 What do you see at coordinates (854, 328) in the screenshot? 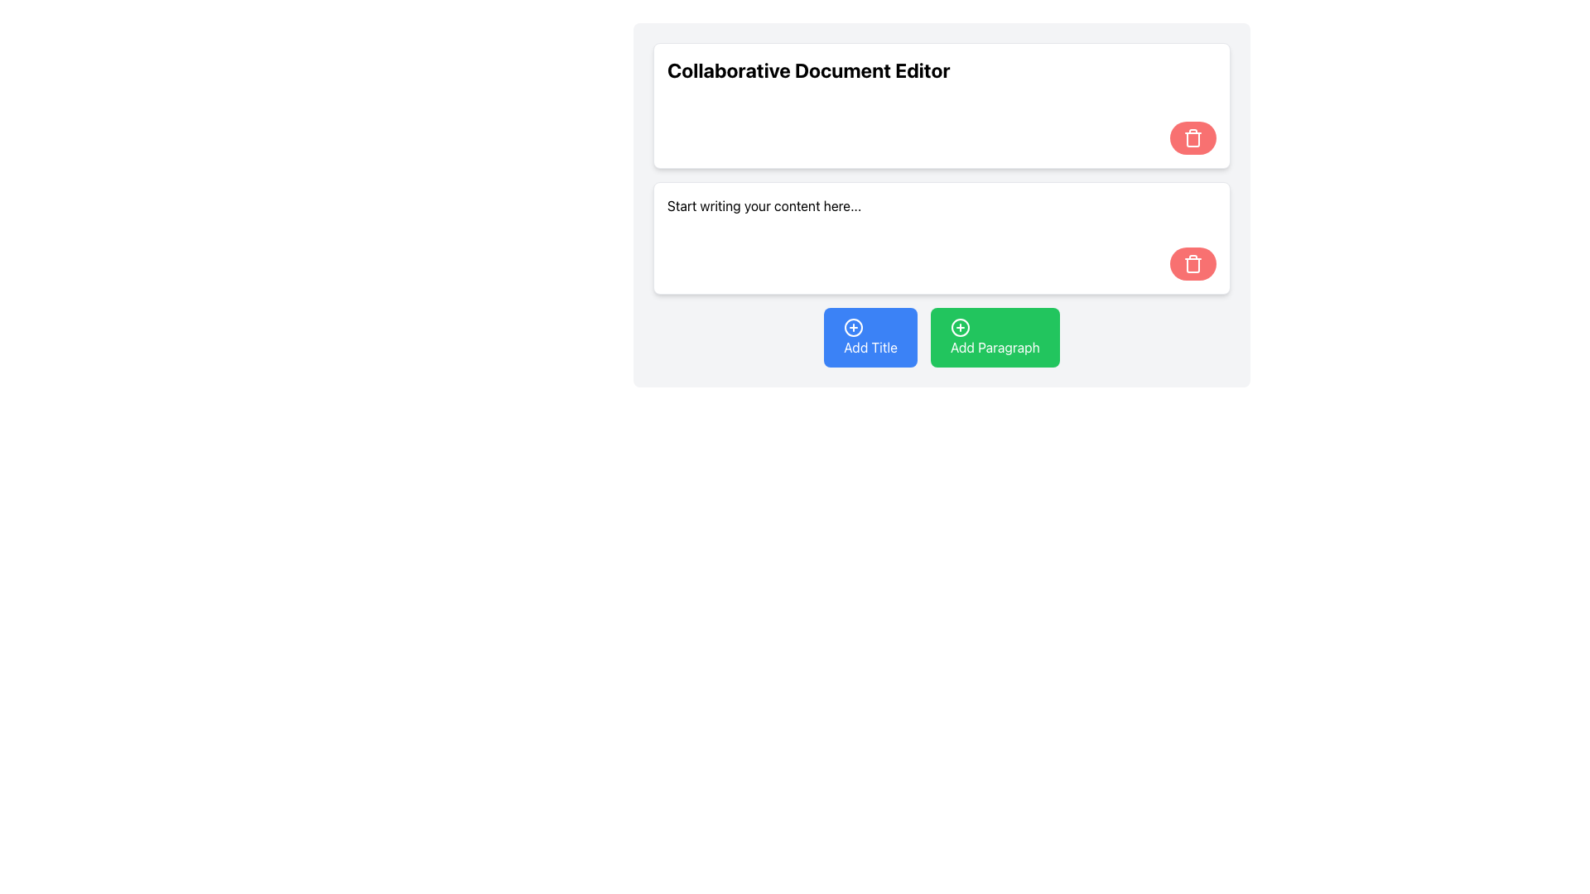
I see `SVG circle icon located within the 'Add Title' button, which signifies its interactive purpose` at bounding box center [854, 328].